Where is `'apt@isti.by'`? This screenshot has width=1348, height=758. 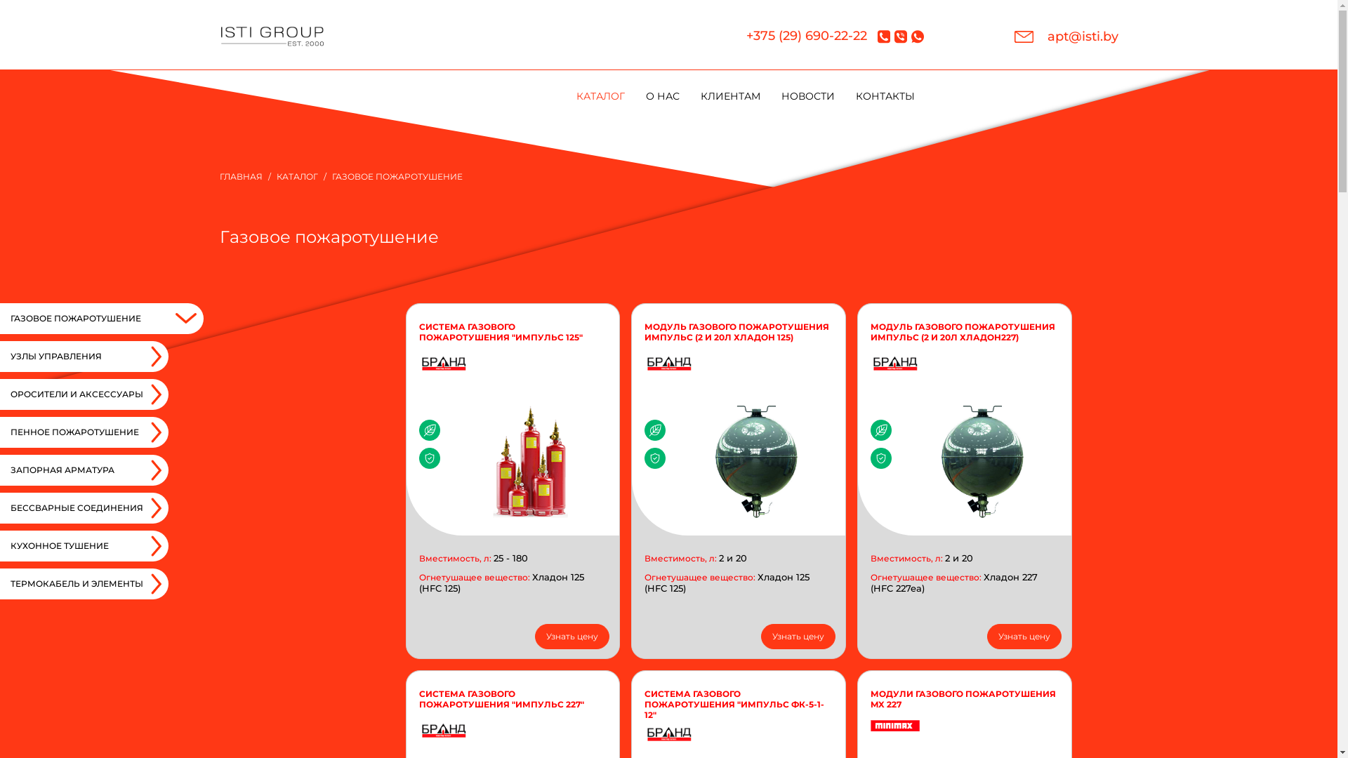
'apt@isti.by' is located at coordinates (1065, 36).